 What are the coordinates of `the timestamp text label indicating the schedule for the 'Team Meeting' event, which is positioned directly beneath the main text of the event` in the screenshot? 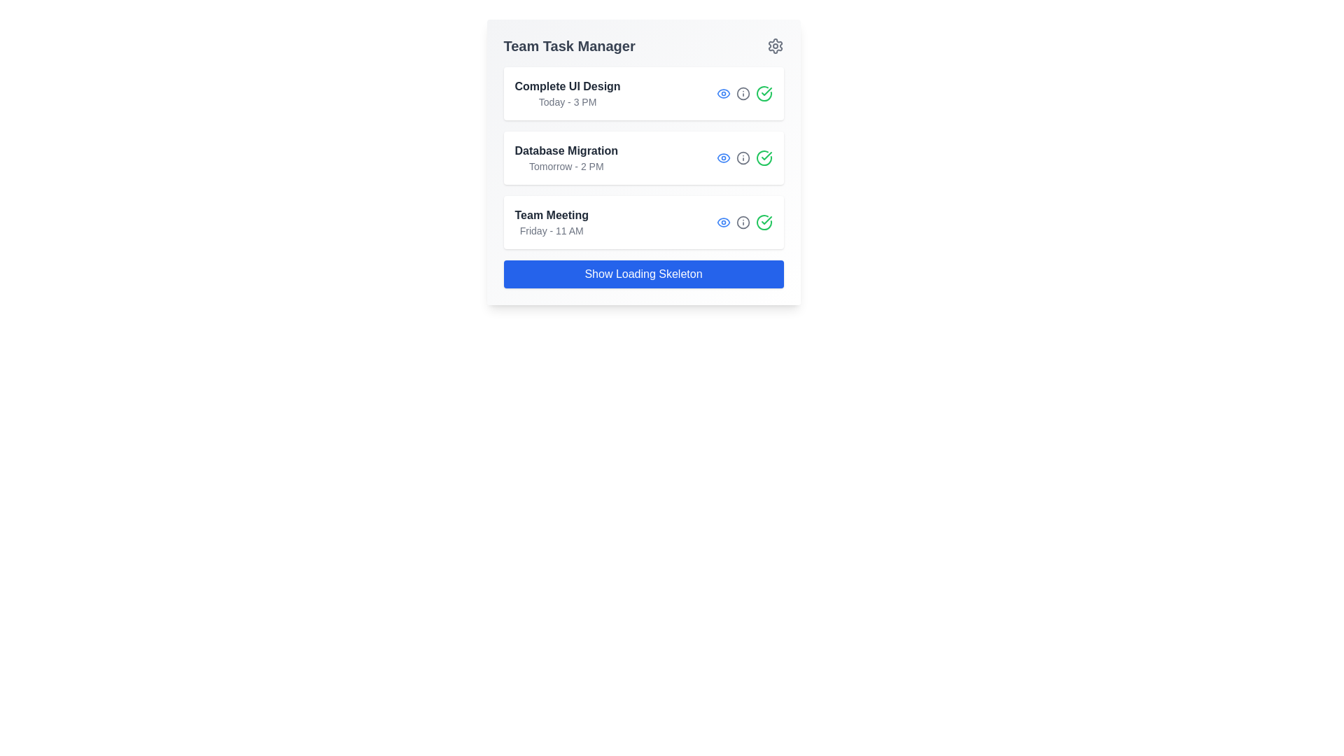 It's located at (551, 230).